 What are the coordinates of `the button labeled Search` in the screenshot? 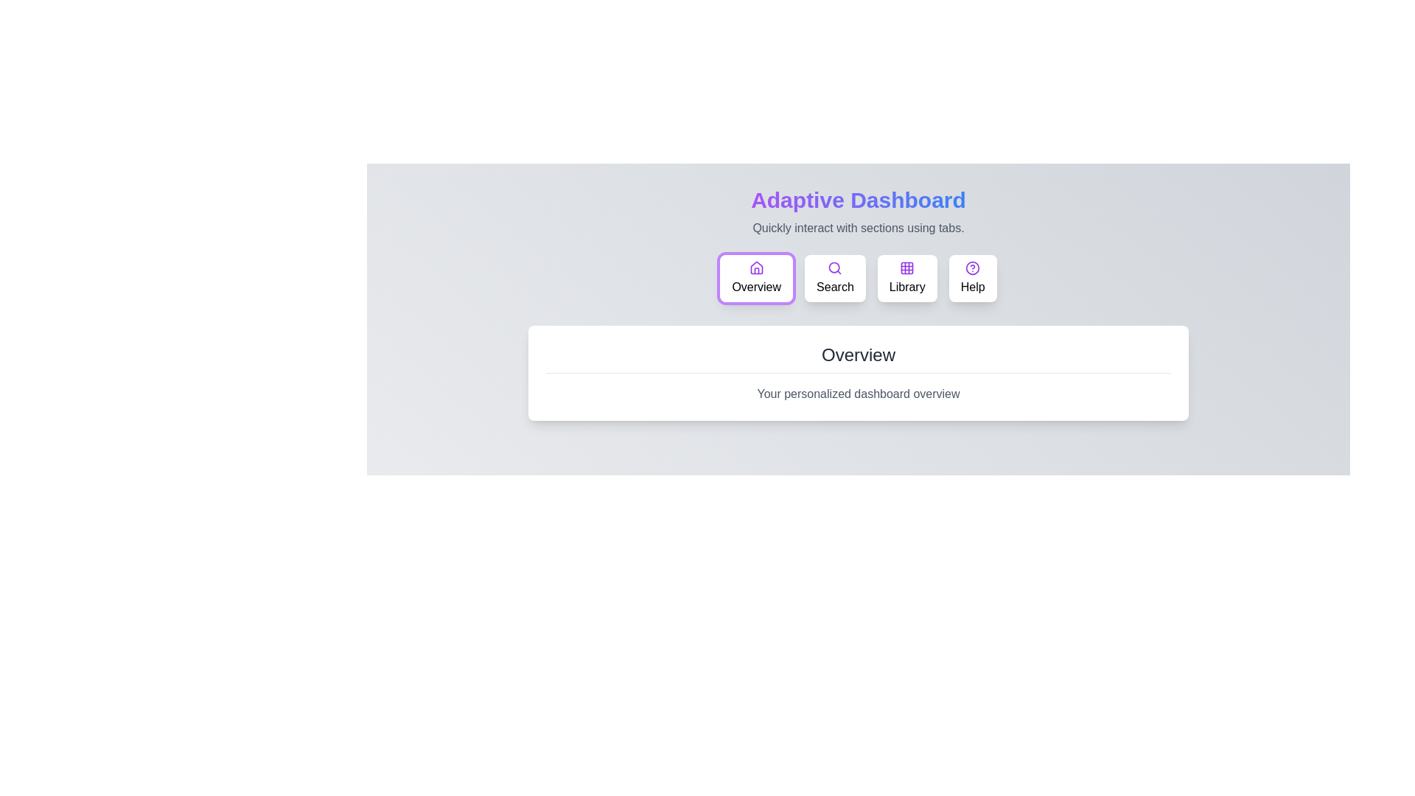 It's located at (834, 279).